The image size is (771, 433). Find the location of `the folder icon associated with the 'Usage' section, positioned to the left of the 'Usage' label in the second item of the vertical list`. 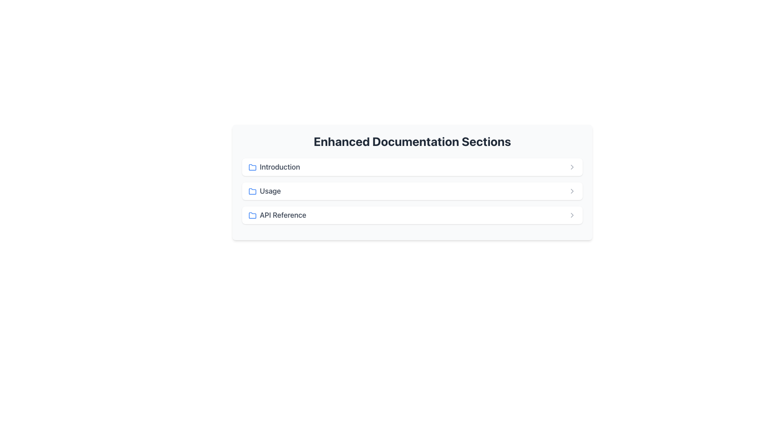

the folder icon associated with the 'Usage' section, positioned to the left of the 'Usage' label in the second item of the vertical list is located at coordinates (252, 192).